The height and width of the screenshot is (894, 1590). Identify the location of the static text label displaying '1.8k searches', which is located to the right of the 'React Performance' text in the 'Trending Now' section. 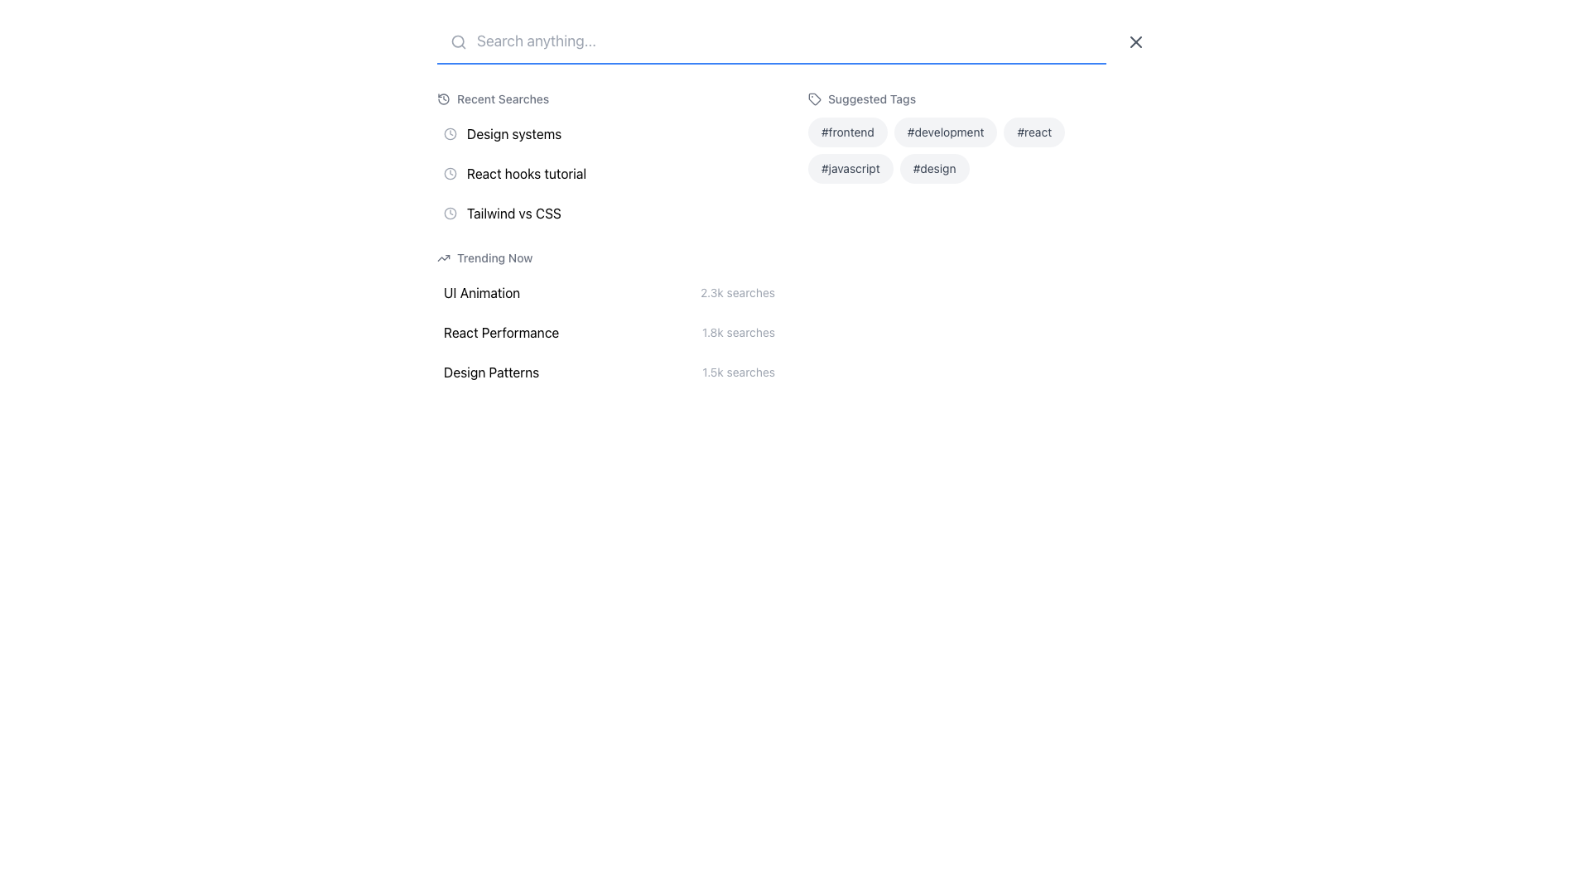
(738, 332).